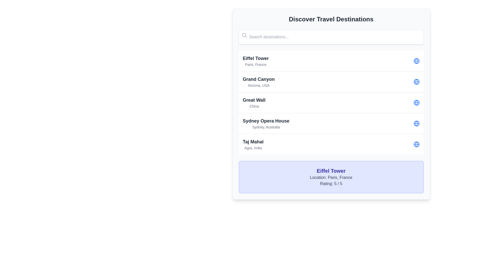 This screenshot has height=278, width=495. Describe the element at coordinates (416, 81) in the screenshot. I see `the third globe icon on the right side of the destination list, which aligns with the 'Great Wall' text` at that location.